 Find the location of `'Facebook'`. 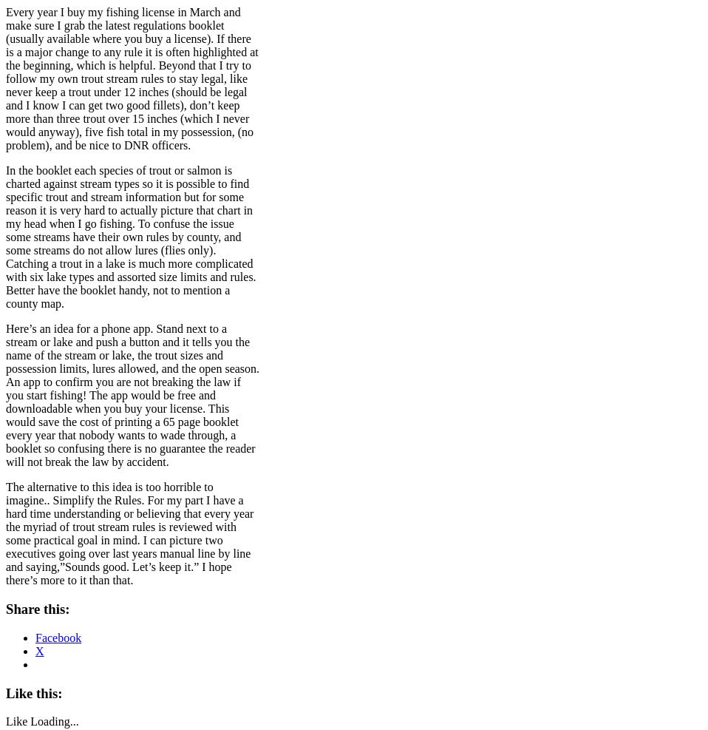

'Facebook' is located at coordinates (58, 636).